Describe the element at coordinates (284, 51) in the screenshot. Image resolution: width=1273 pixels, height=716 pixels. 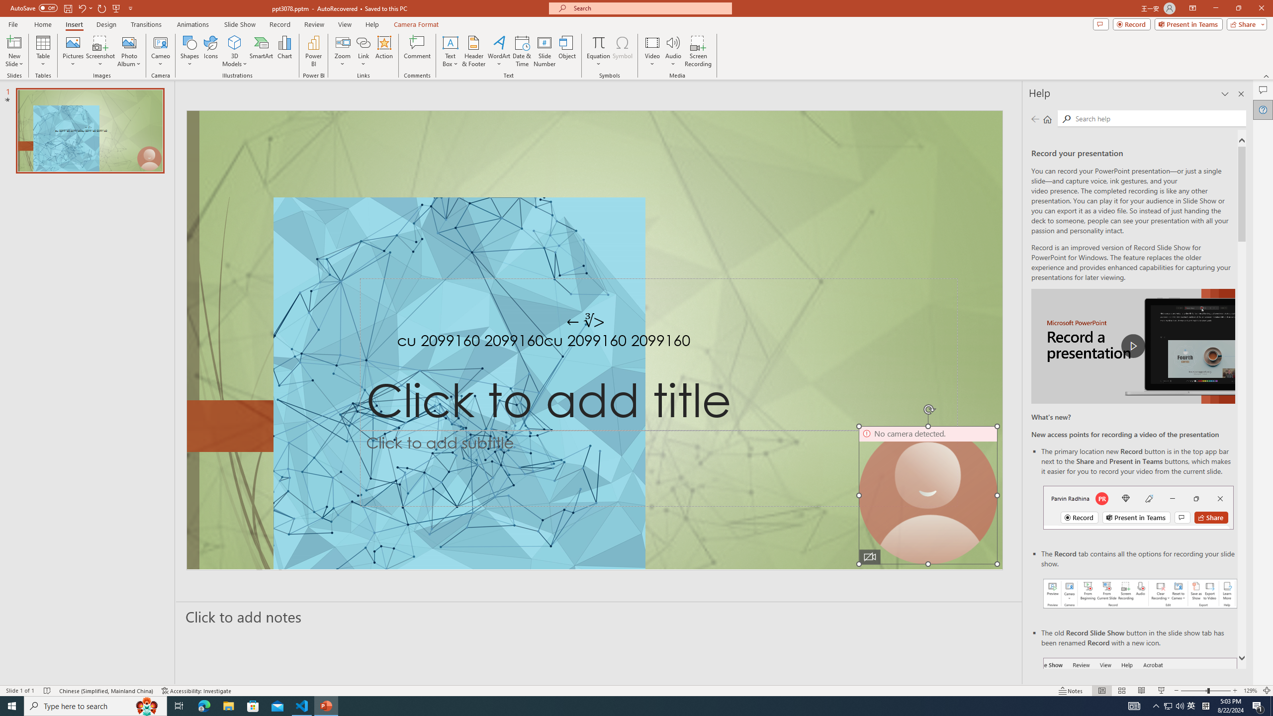
I see `'Chart...'` at that location.